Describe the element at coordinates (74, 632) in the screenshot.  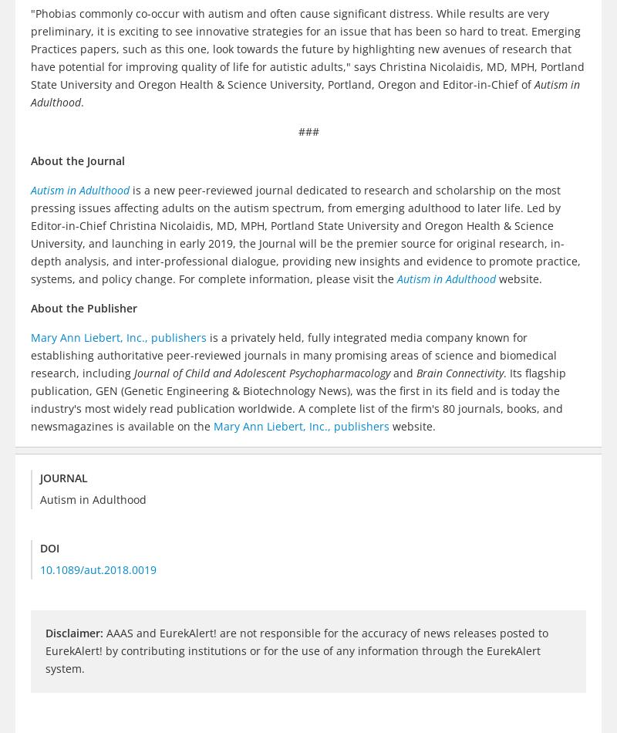
I see `'Disclaimer:'` at that location.